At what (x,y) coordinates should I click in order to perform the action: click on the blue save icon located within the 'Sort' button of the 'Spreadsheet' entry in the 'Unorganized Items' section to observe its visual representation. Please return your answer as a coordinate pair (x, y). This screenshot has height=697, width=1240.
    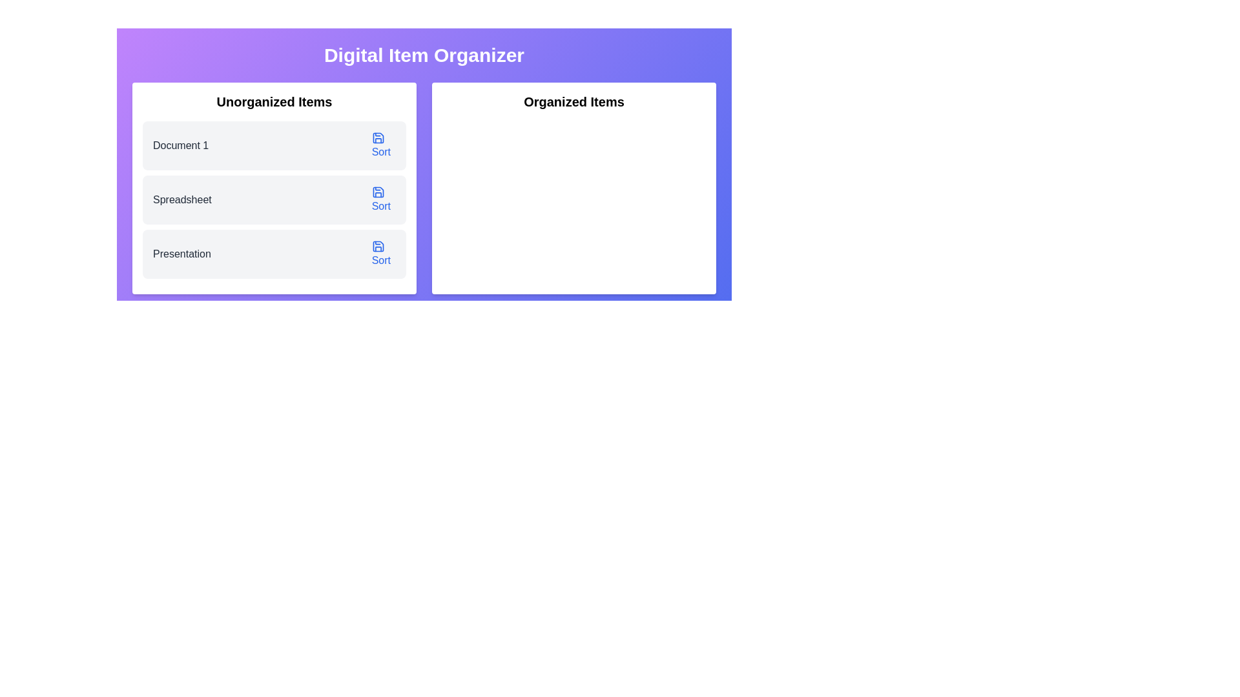
    Looking at the image, I should click on (377, 192).